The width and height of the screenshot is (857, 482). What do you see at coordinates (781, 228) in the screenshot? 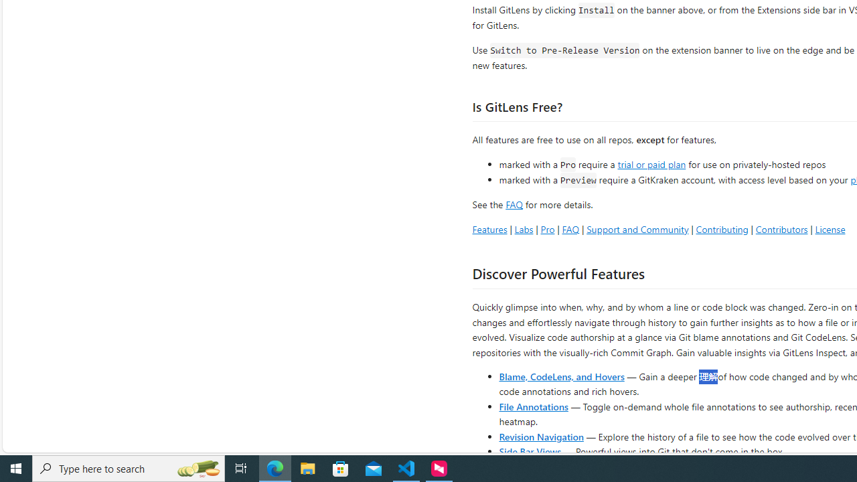
I see `'Contributors'` at bounding box center [781, 228].